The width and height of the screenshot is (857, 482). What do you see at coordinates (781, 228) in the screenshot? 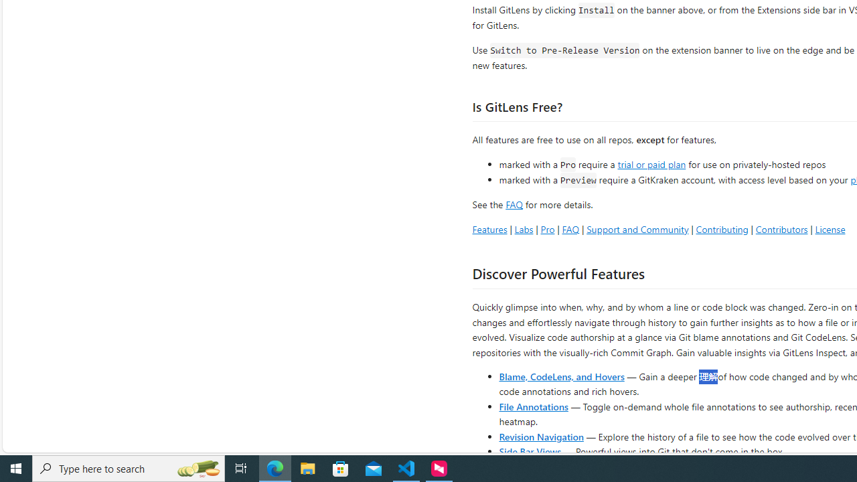
I see `'Contributors'` at bounding box center [781, 228].